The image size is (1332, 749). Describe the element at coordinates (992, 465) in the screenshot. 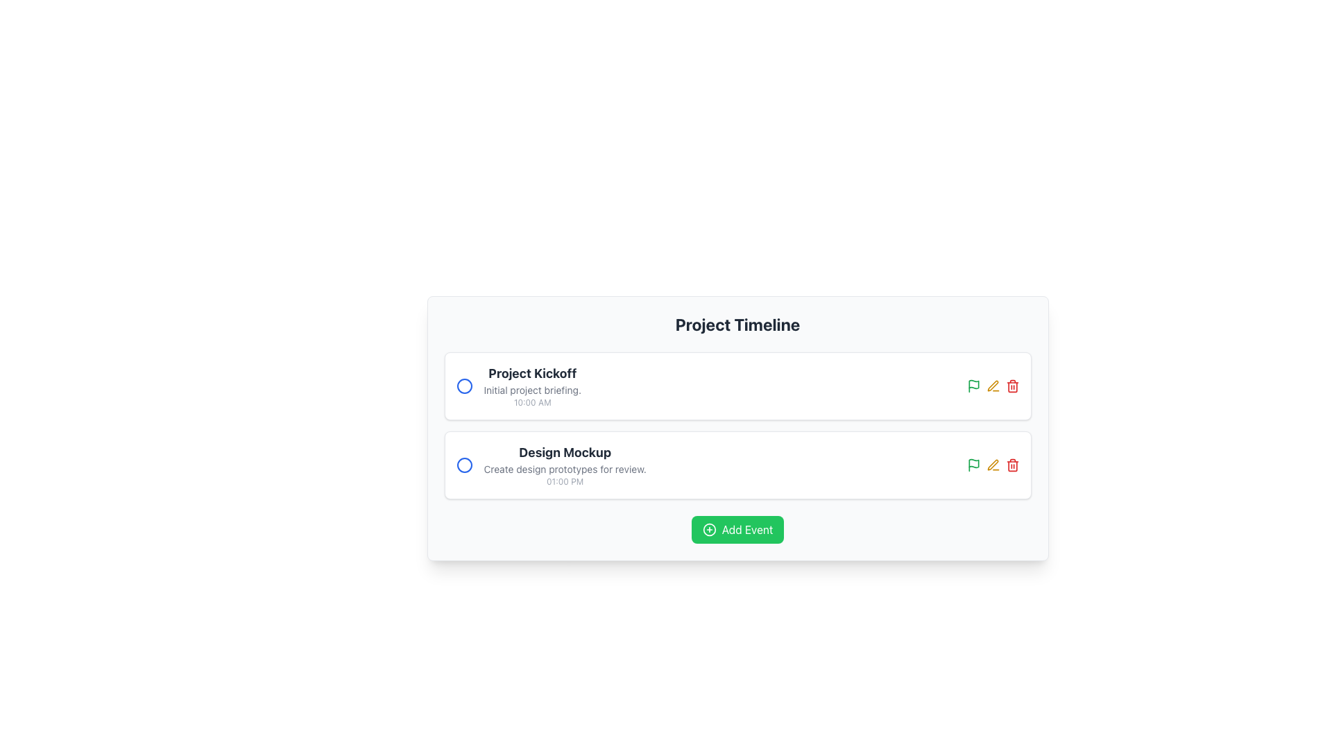

I see `the edit icon button, which is the third icon on the rightmost side of the interaction tools for the second list item in the timeline, to initiate the edit action` at that location.